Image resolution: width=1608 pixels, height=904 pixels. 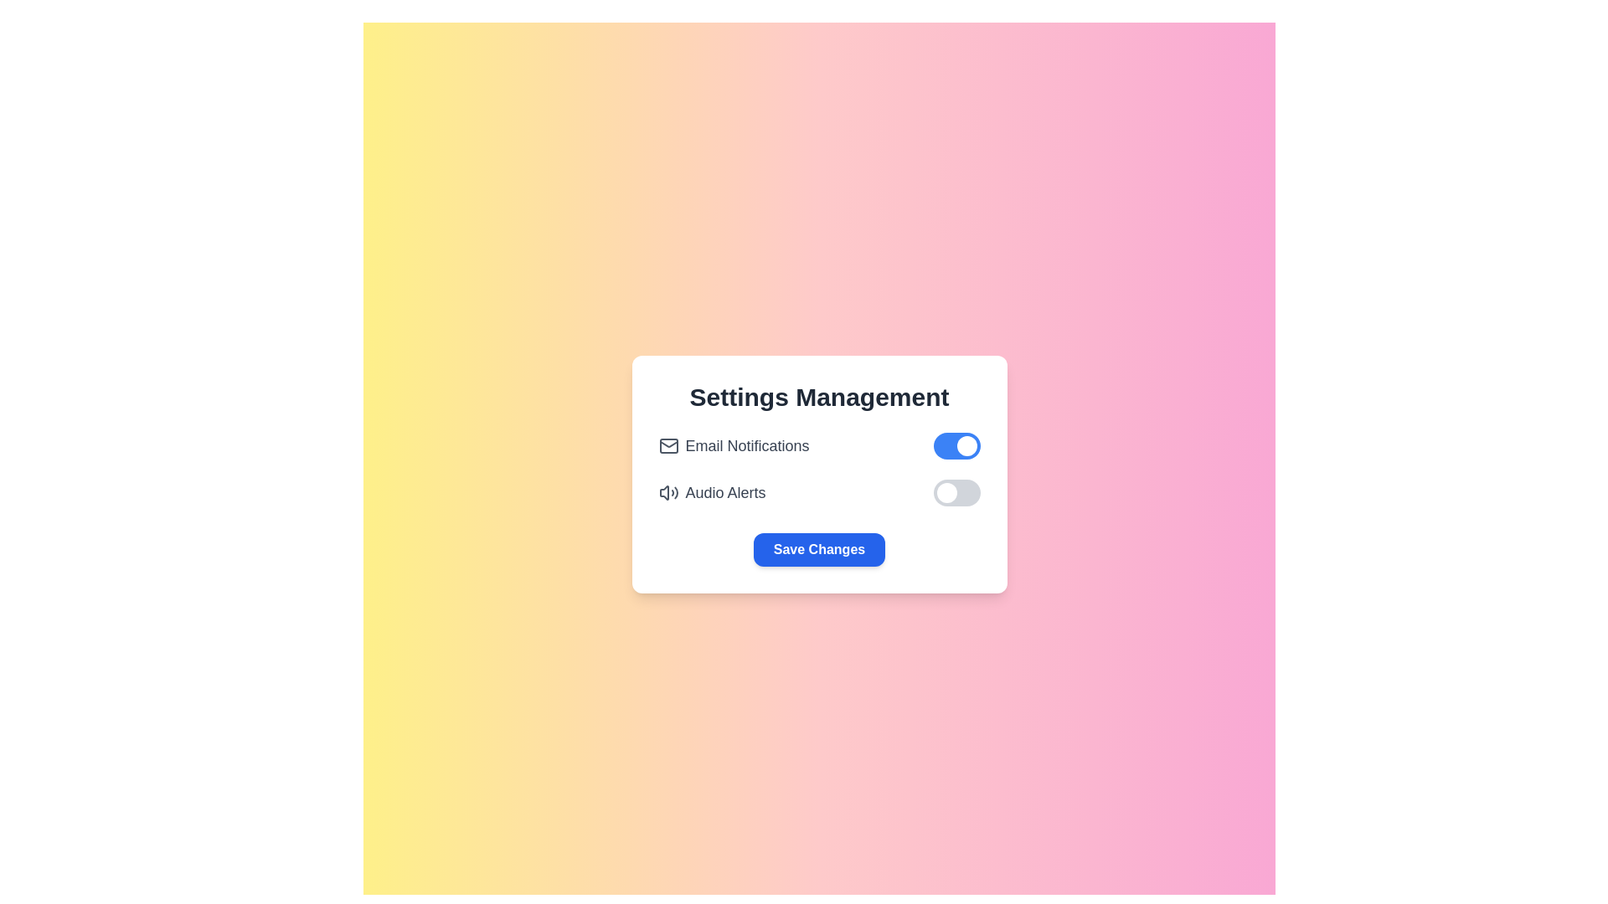 I want to click on the save button located at the bottom of the settings panel, directly beneath the 'Audio Alerts' text and toggle switch, so click(x=819, y=549).